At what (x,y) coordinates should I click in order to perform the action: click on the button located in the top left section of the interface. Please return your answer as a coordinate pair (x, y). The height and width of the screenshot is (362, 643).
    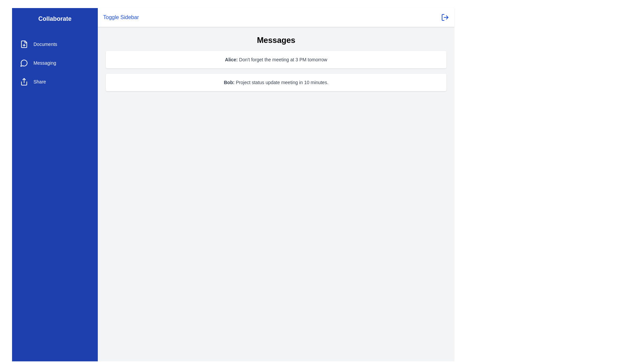
    Looking at the image, I should click on (121, 17).